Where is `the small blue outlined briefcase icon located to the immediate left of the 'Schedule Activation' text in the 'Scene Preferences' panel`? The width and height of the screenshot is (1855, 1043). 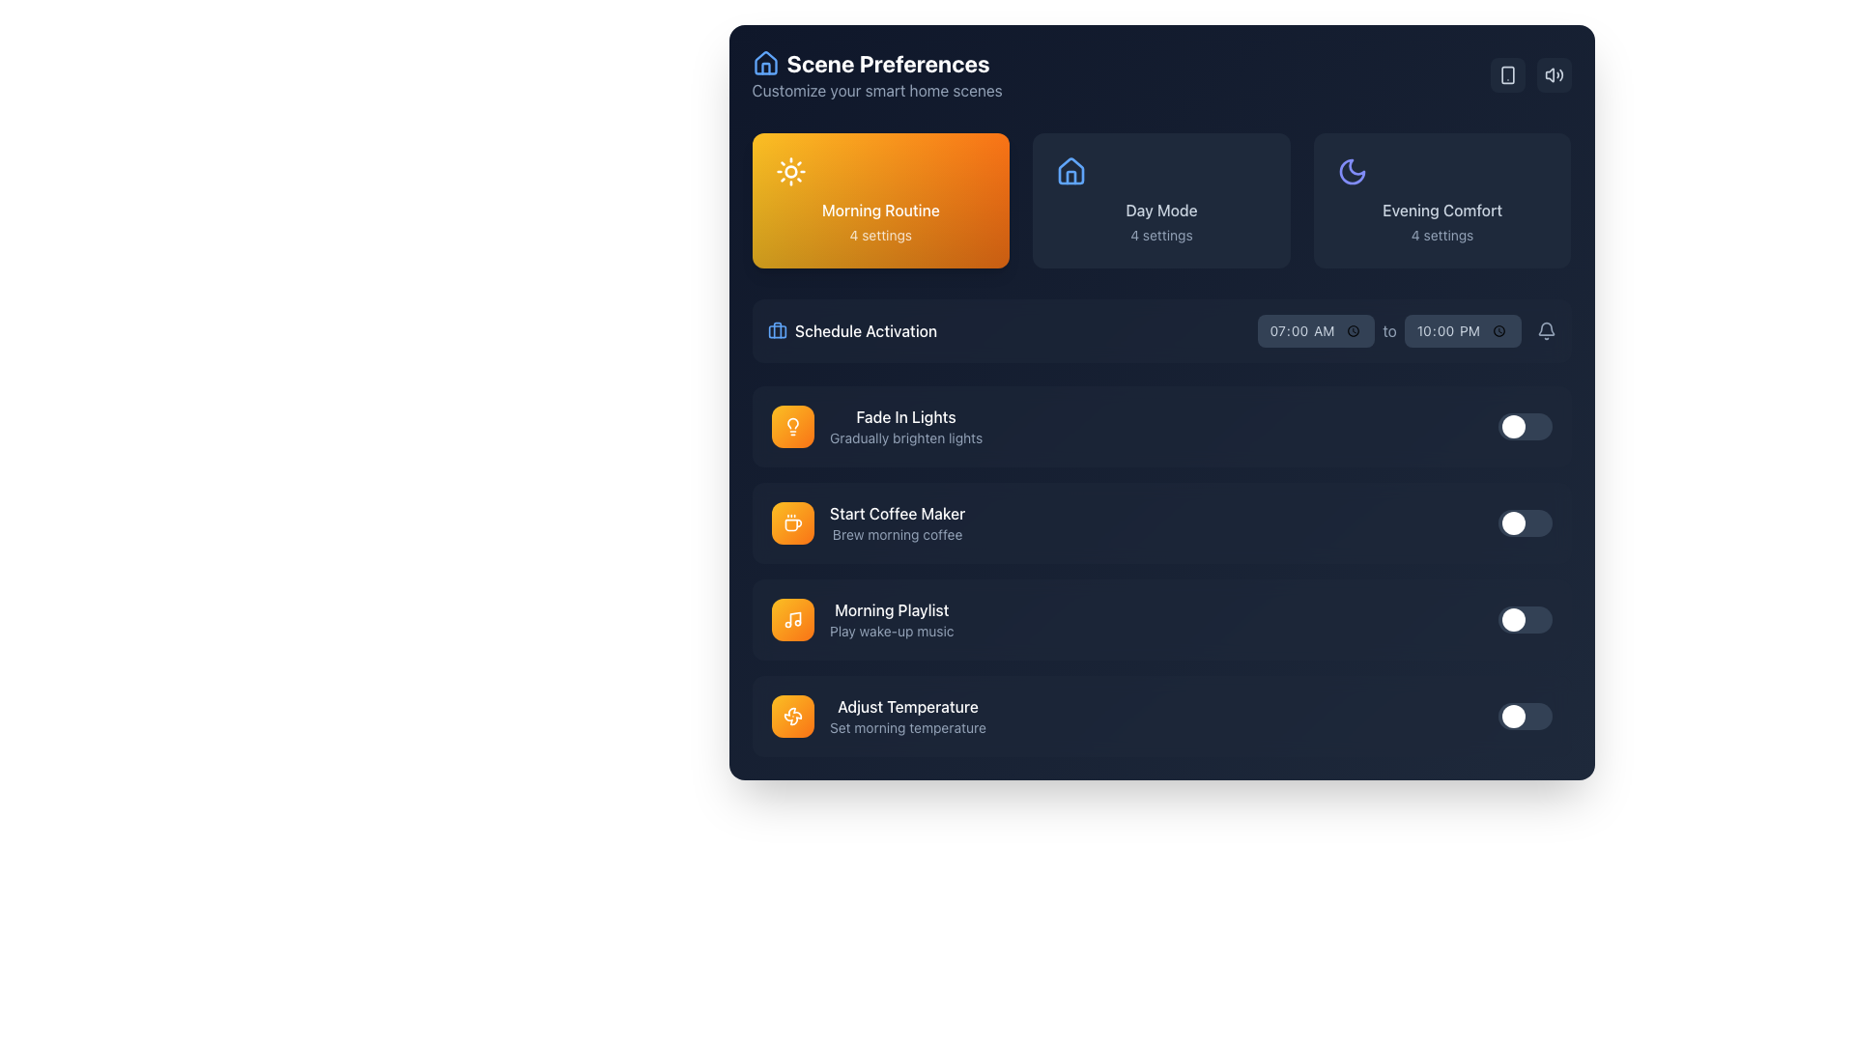
the small blue outlined briefcase icon located to the immediate left of the 'Schedule Activation' text in the 'Scene Preferences' panel is located at coordinates (777, 330).